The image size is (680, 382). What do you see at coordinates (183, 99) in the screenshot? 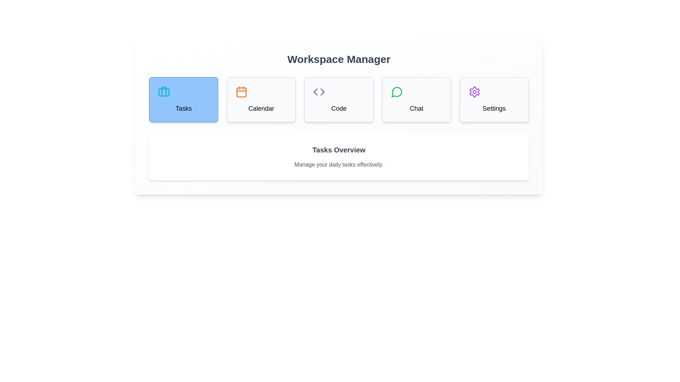
I see `the first interactive card in the grid, which serves as a navigation button to the 'Tasks' section` at bounding box center [183, 99].